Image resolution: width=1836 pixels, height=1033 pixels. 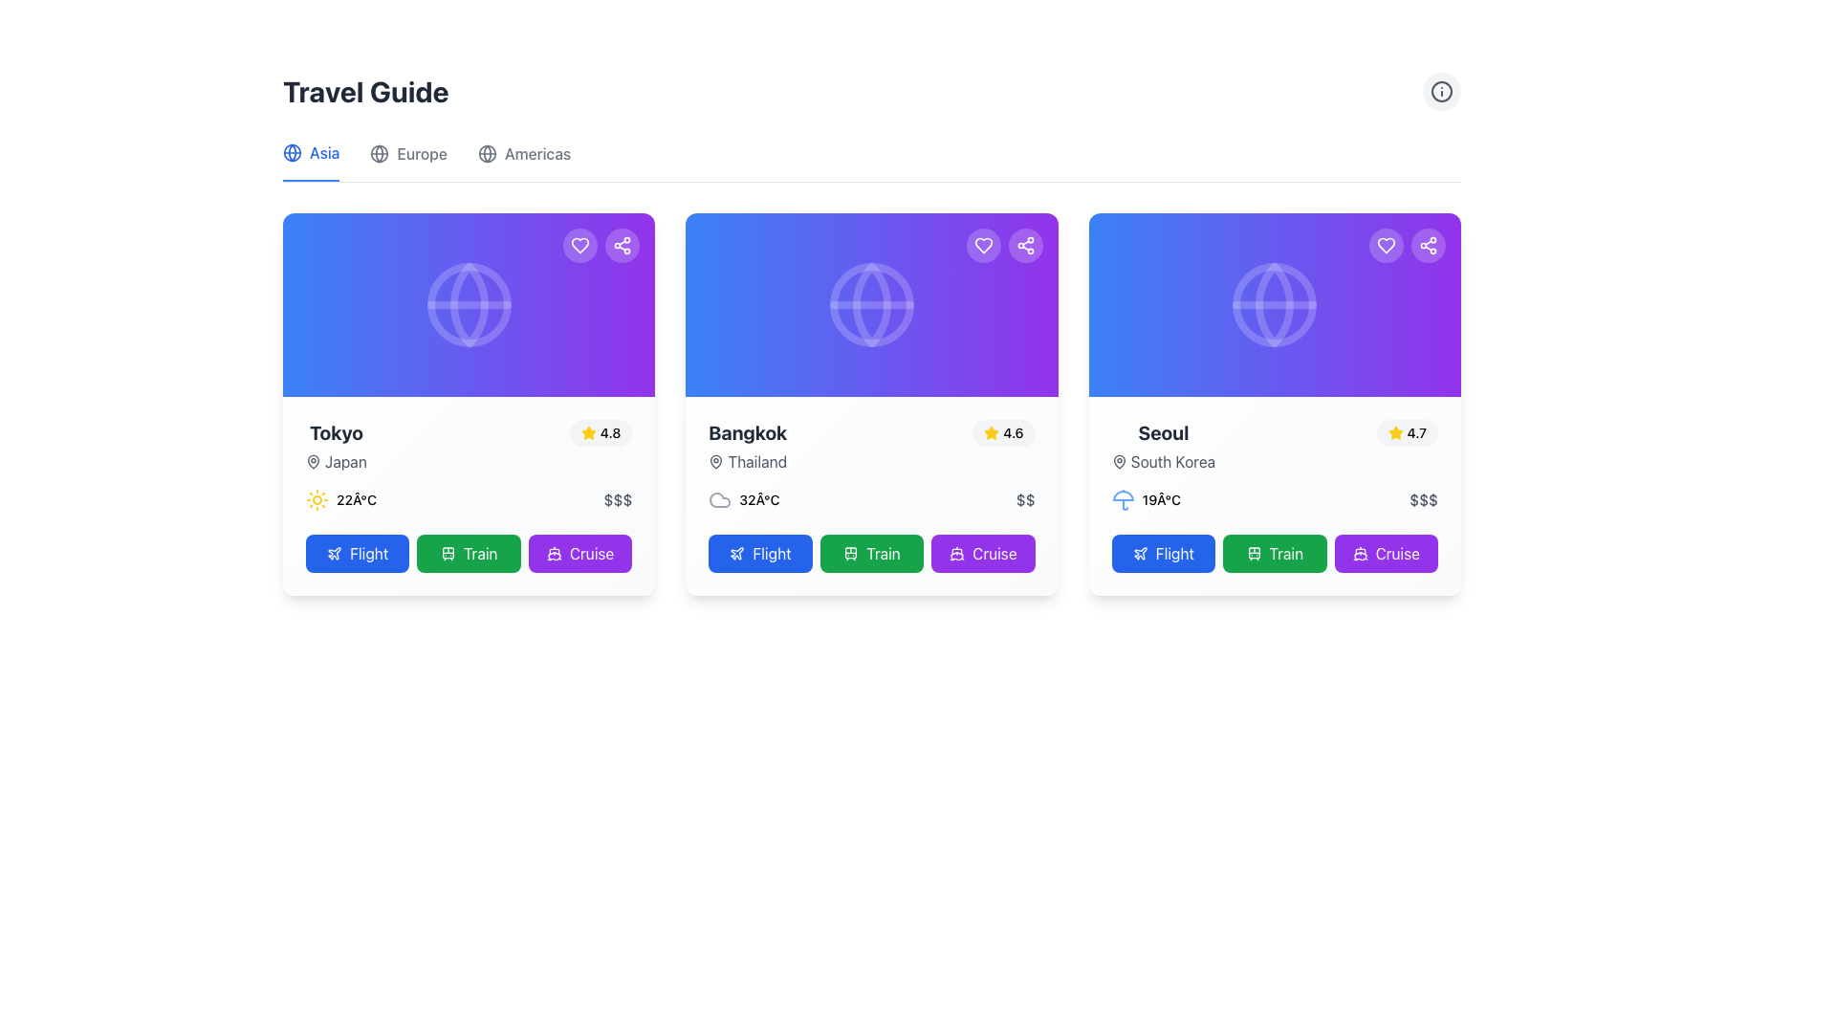 What do you see at coordinates (324, 151) in the screenshot?
I see `the text label displaying 'Asia', which is rendered in blue and positioned next to a globe-shaped icon in the navigation menu` at bounding box center [324, 151].